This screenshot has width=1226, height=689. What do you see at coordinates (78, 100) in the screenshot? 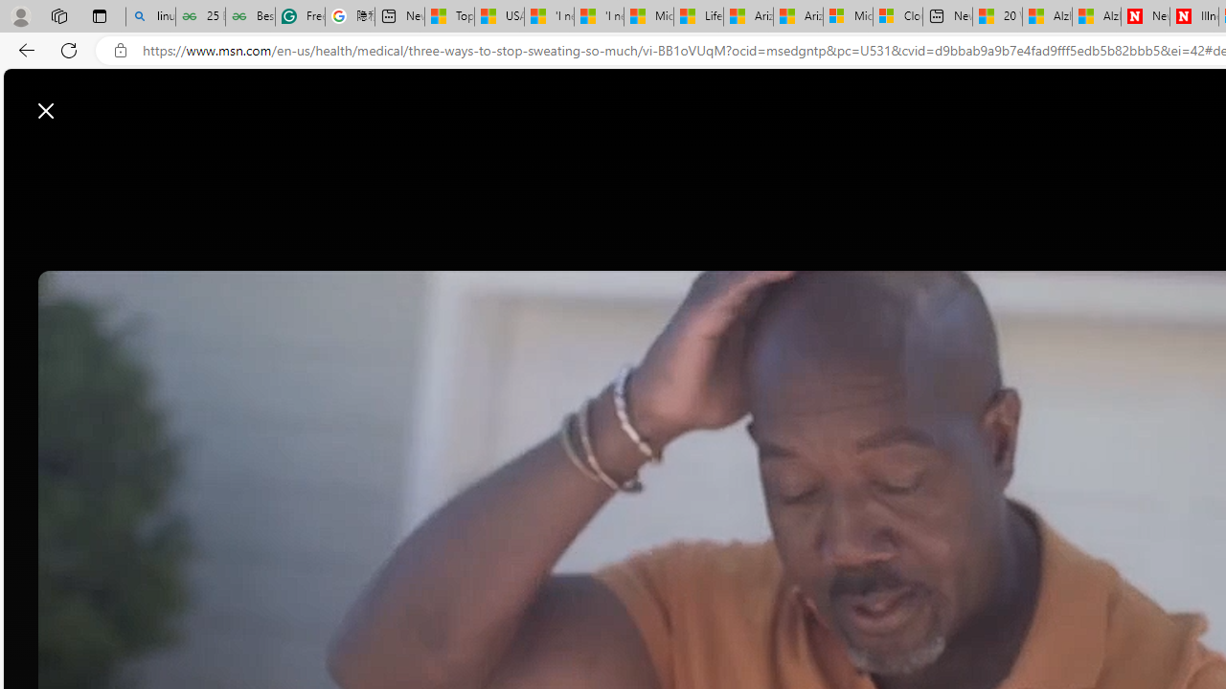
I see `'Skip to footer'` at bounding box center [78, 100].